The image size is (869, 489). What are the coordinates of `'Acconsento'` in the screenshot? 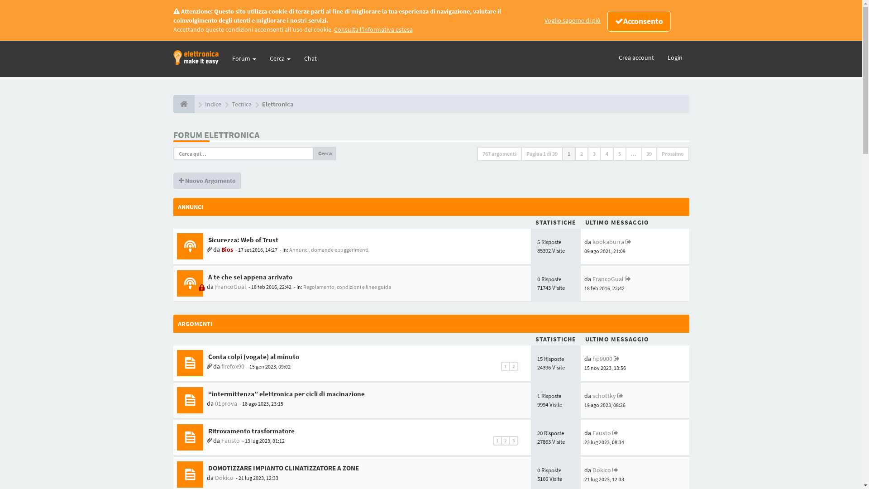 It's located at (638, 20).